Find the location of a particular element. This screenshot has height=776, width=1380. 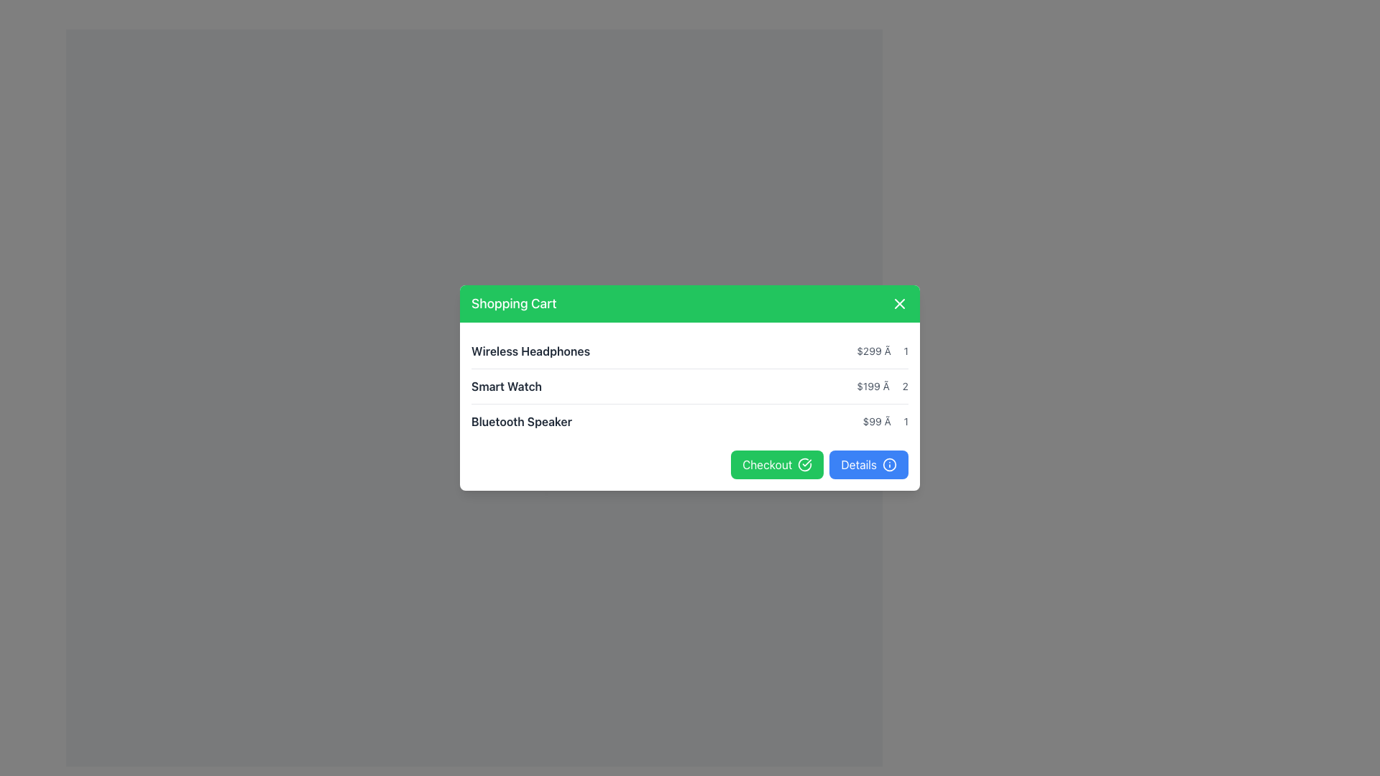

the innermost circular shape of the SVG graphic, which is part of an icon located to the right of the 'Details' button is located at coordinates (889, 465).